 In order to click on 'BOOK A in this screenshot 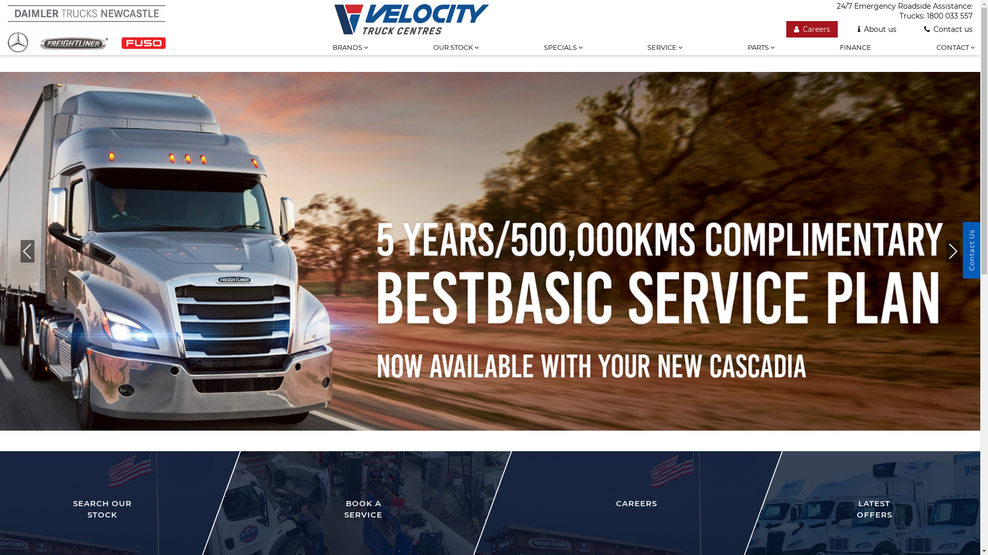, I will do `click(350, 486)`.